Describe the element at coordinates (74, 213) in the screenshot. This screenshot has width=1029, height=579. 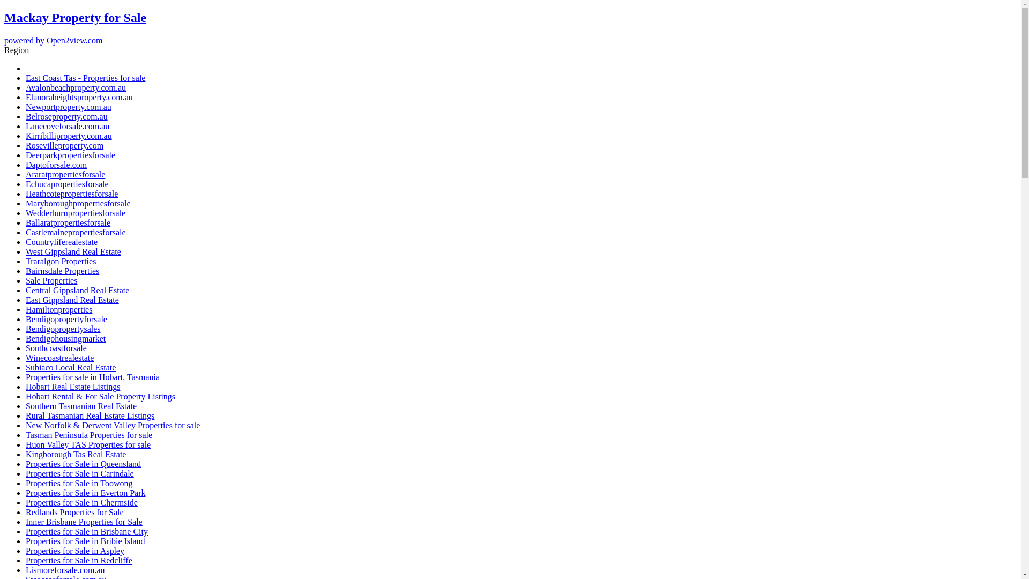
I see `'Wedderburnpropertiesforsale'` at that location.